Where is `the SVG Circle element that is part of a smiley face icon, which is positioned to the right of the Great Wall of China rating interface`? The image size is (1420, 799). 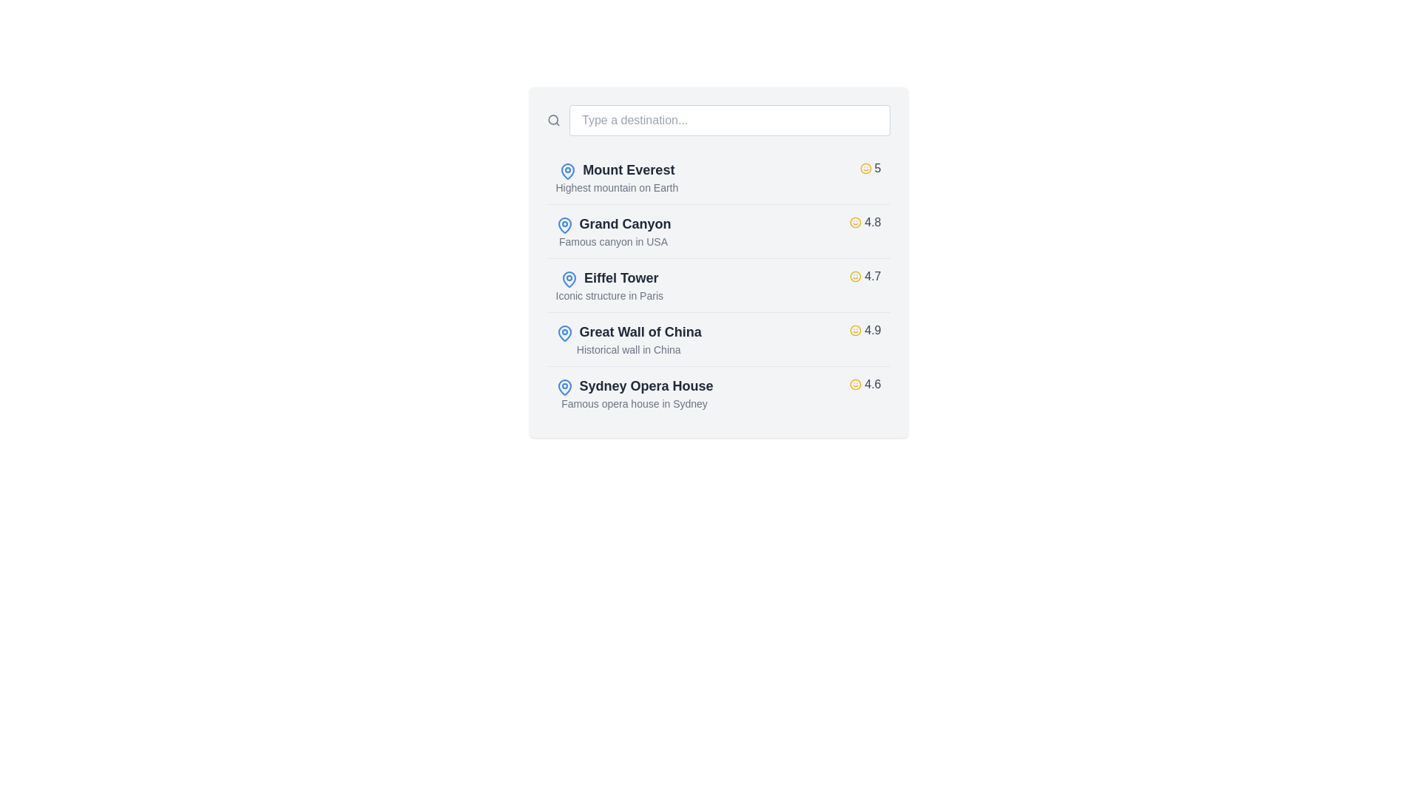 the SVG Circle element that is part of a smiley face icon, which is positioned to the right of the Great Wall of China rating interface is located at coordinates (856, 330).